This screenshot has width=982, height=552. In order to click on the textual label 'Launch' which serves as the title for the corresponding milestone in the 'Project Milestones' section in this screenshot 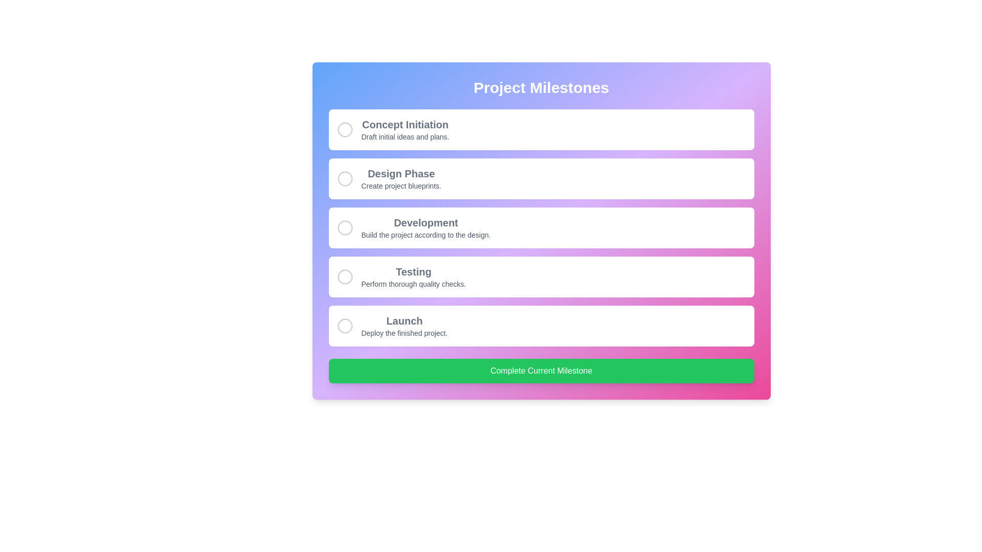, I will do `click(404, 320)`.